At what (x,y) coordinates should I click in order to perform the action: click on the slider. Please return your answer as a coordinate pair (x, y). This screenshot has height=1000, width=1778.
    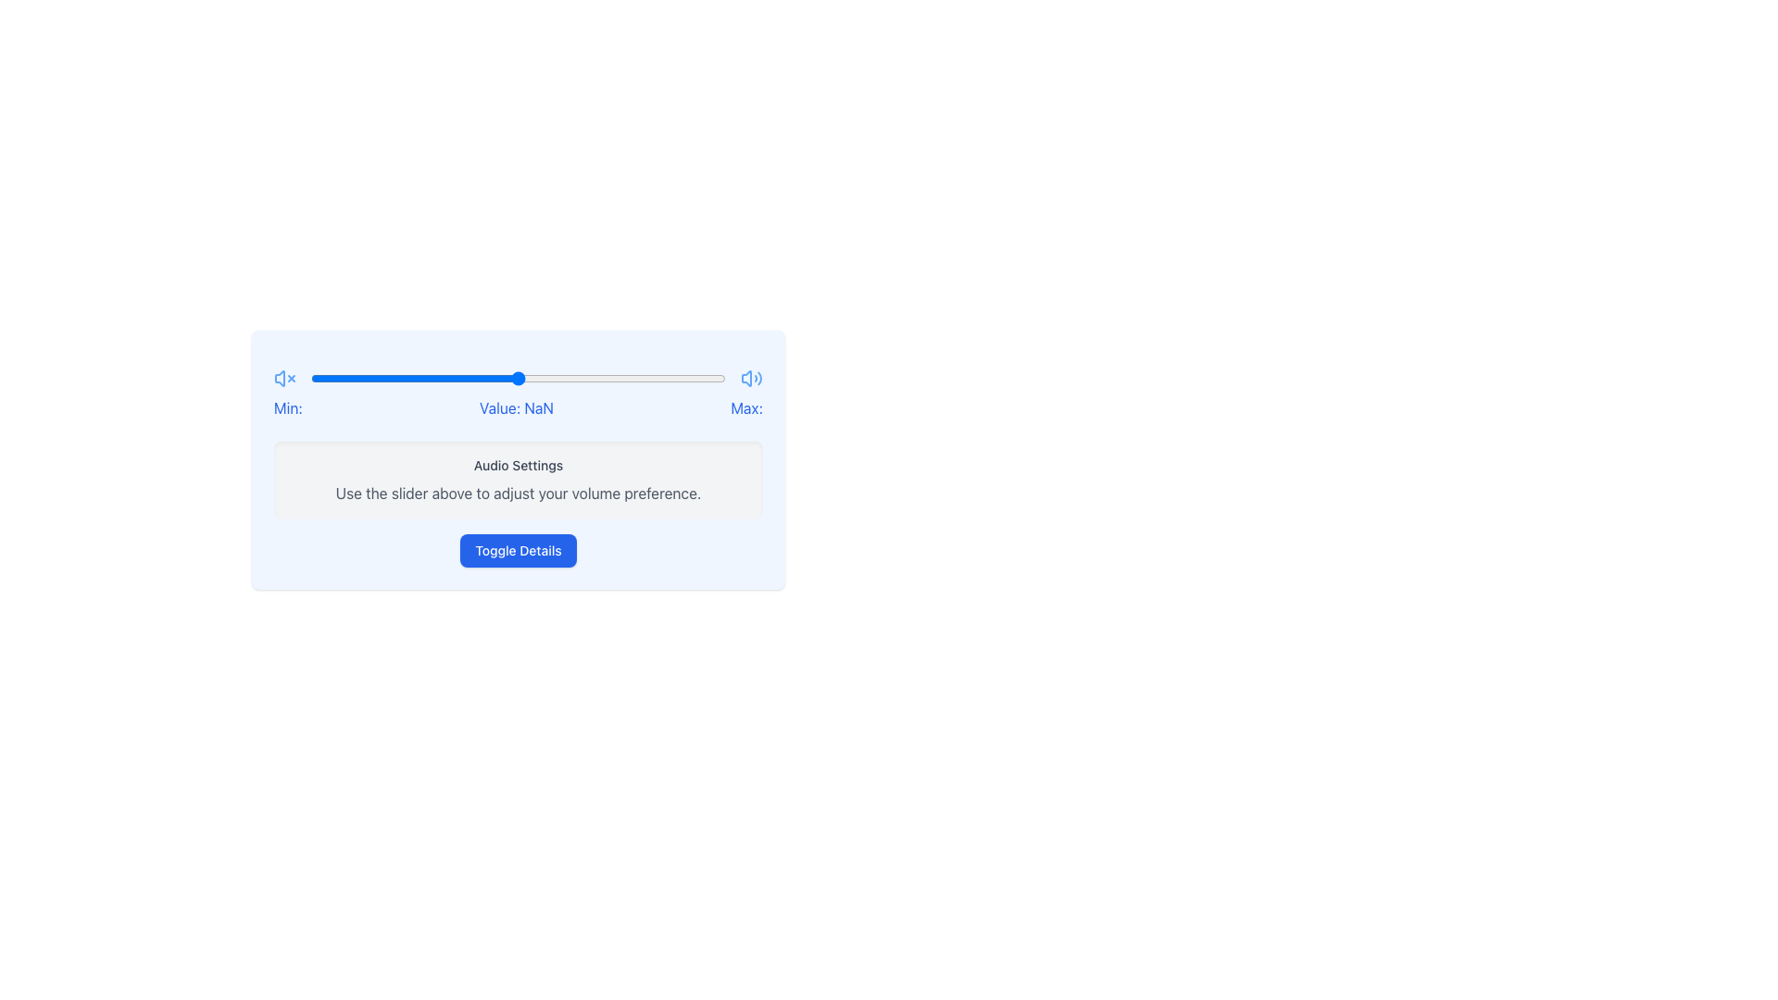
    Looking at the image, I should click on (622, 377).